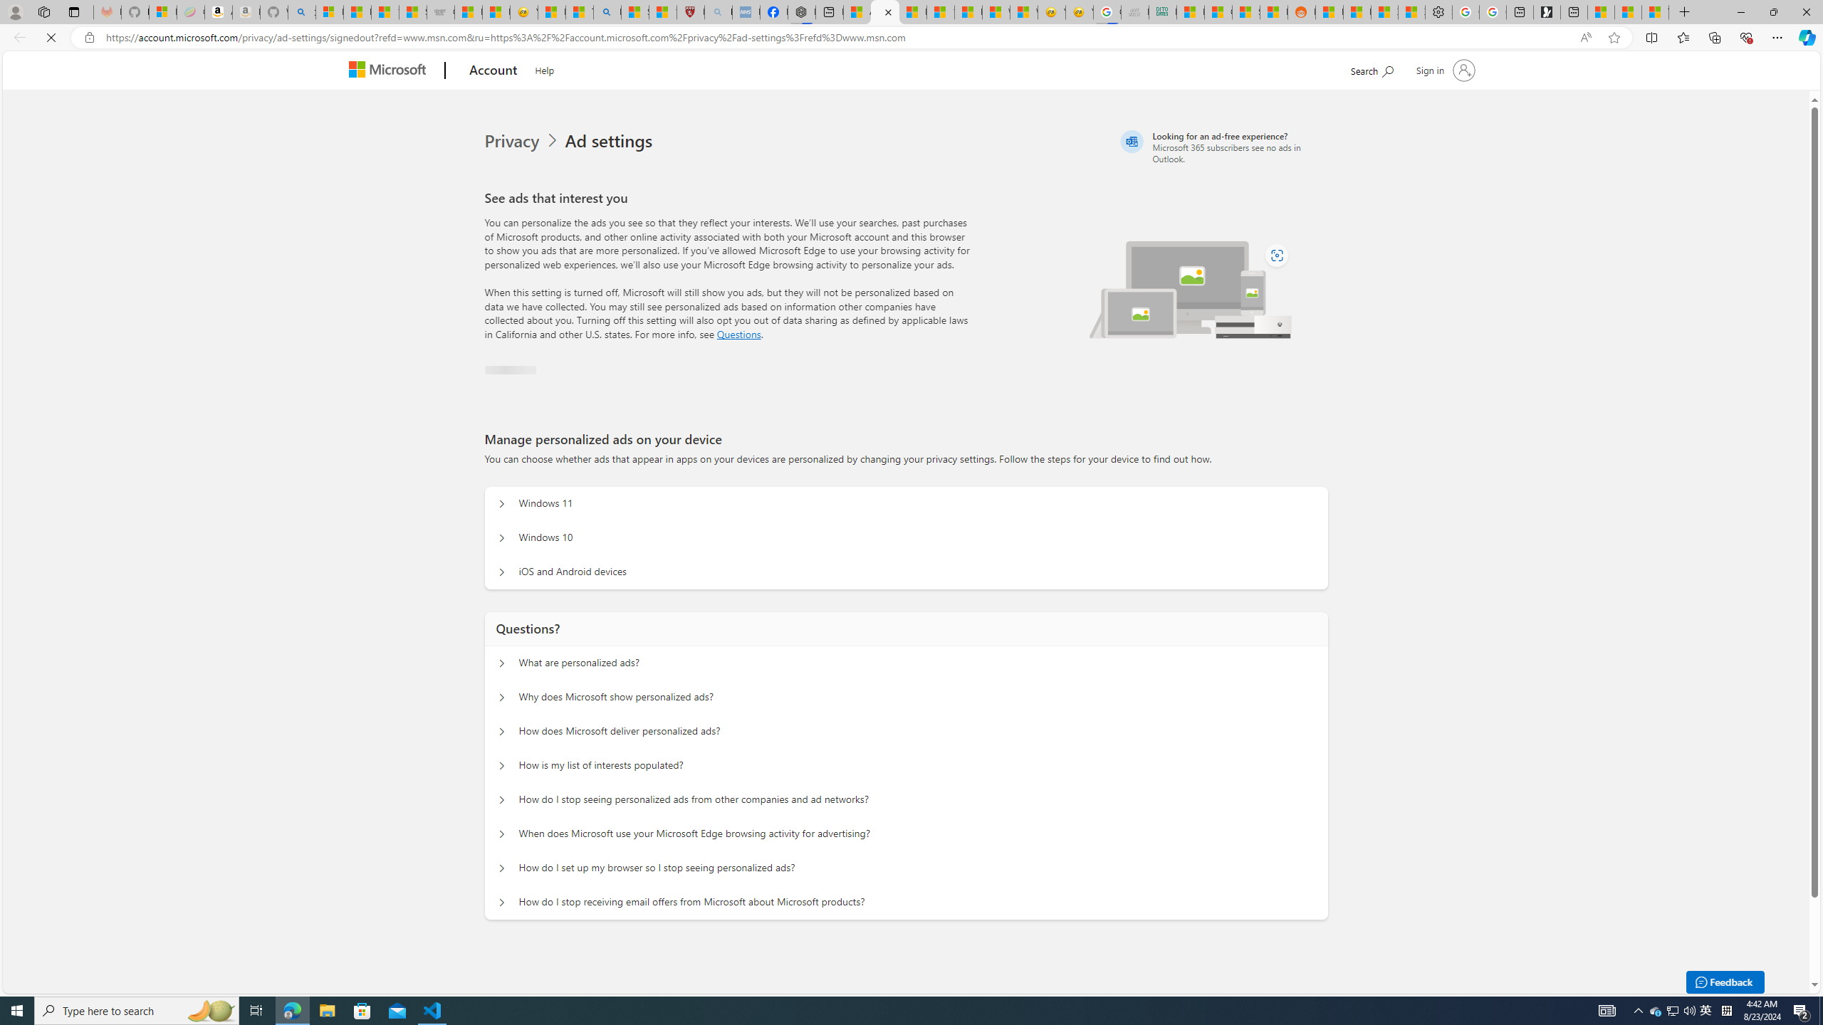 This screenshot has width=1823, height=1025. What do you see at coordinates (967, 11) in the screenshot?
I see `'Fitness - MSN'` at bounding box center [967, 11].